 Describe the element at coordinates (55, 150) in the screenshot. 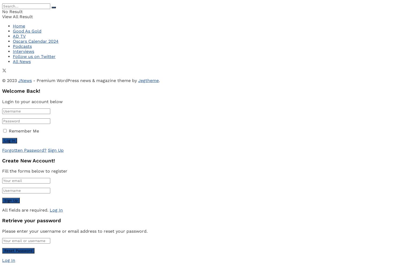

I see `'Sign Up'` at that location.